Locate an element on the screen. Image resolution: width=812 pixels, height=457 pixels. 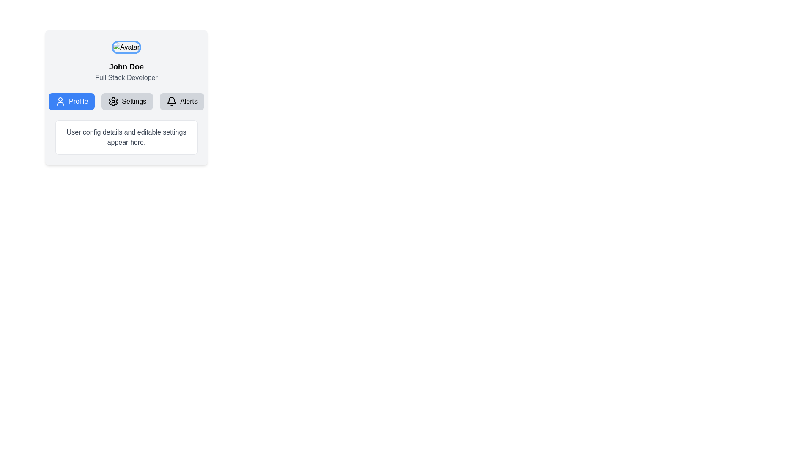
the static text element displaying the name 'John Doe', which is styled with a 'font-semibold' class and positioned centrally just below an avatar image is located at coordinates (126, 66).